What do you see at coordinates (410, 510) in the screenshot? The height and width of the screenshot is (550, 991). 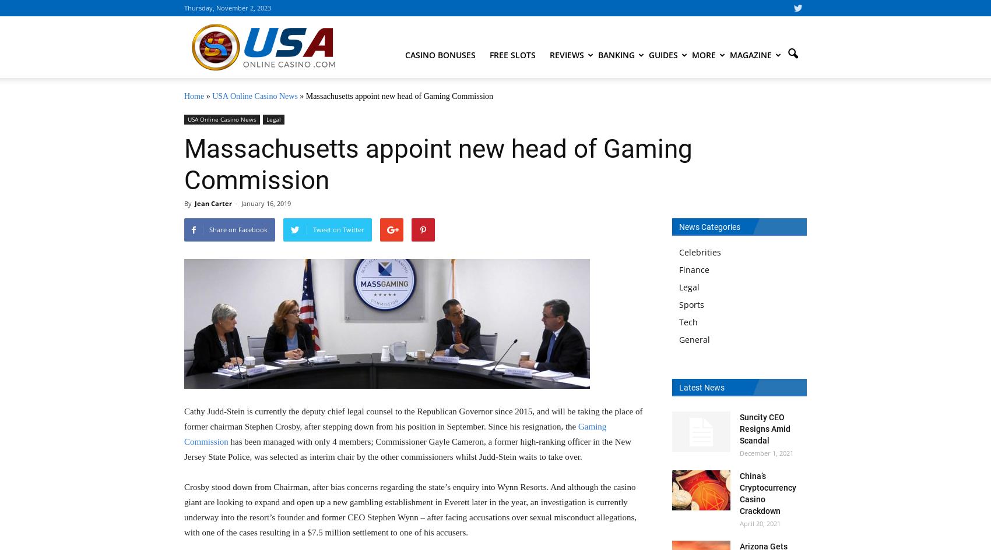 I see `'Crosby stood down from Chairman, after bias concerns regarding the state’s enquiry into Wynn Resorts. And although the casino giant are looking to expand and open up a new gambling establishment in Everett later in the year, an investigation is currently underway into the resort’s founder and former CEO Stephen Wynn – after facing accusations over sexual misconduct allegations, with one of the cases resulting in a $7.5 million settlement to one of his accusers.'` at bounding box center [410, 510].